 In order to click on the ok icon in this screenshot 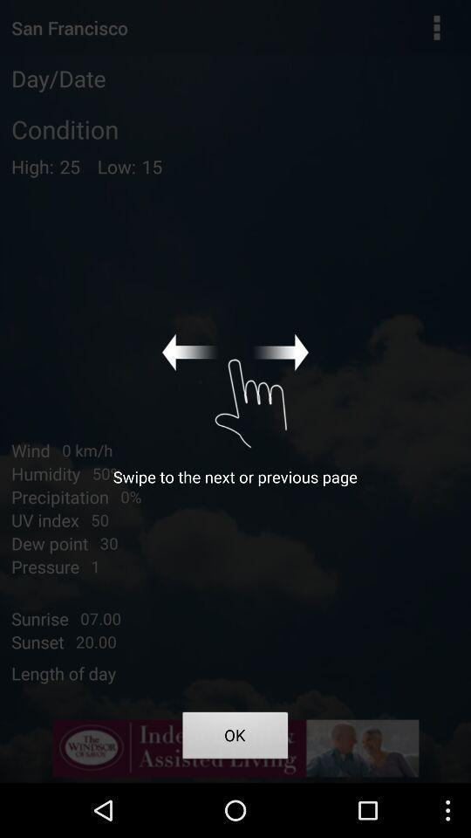, I will do `click(235, 737)`.